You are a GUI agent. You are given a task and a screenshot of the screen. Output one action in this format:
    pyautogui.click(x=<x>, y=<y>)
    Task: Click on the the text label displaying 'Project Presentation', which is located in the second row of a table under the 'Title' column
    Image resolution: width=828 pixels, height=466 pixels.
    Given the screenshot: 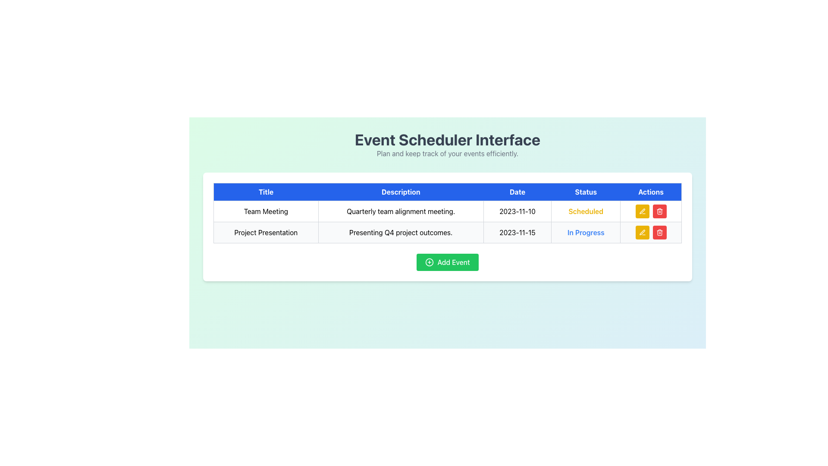 What is the action you would take?
    pyautogui.click(x=265, y=232)
    